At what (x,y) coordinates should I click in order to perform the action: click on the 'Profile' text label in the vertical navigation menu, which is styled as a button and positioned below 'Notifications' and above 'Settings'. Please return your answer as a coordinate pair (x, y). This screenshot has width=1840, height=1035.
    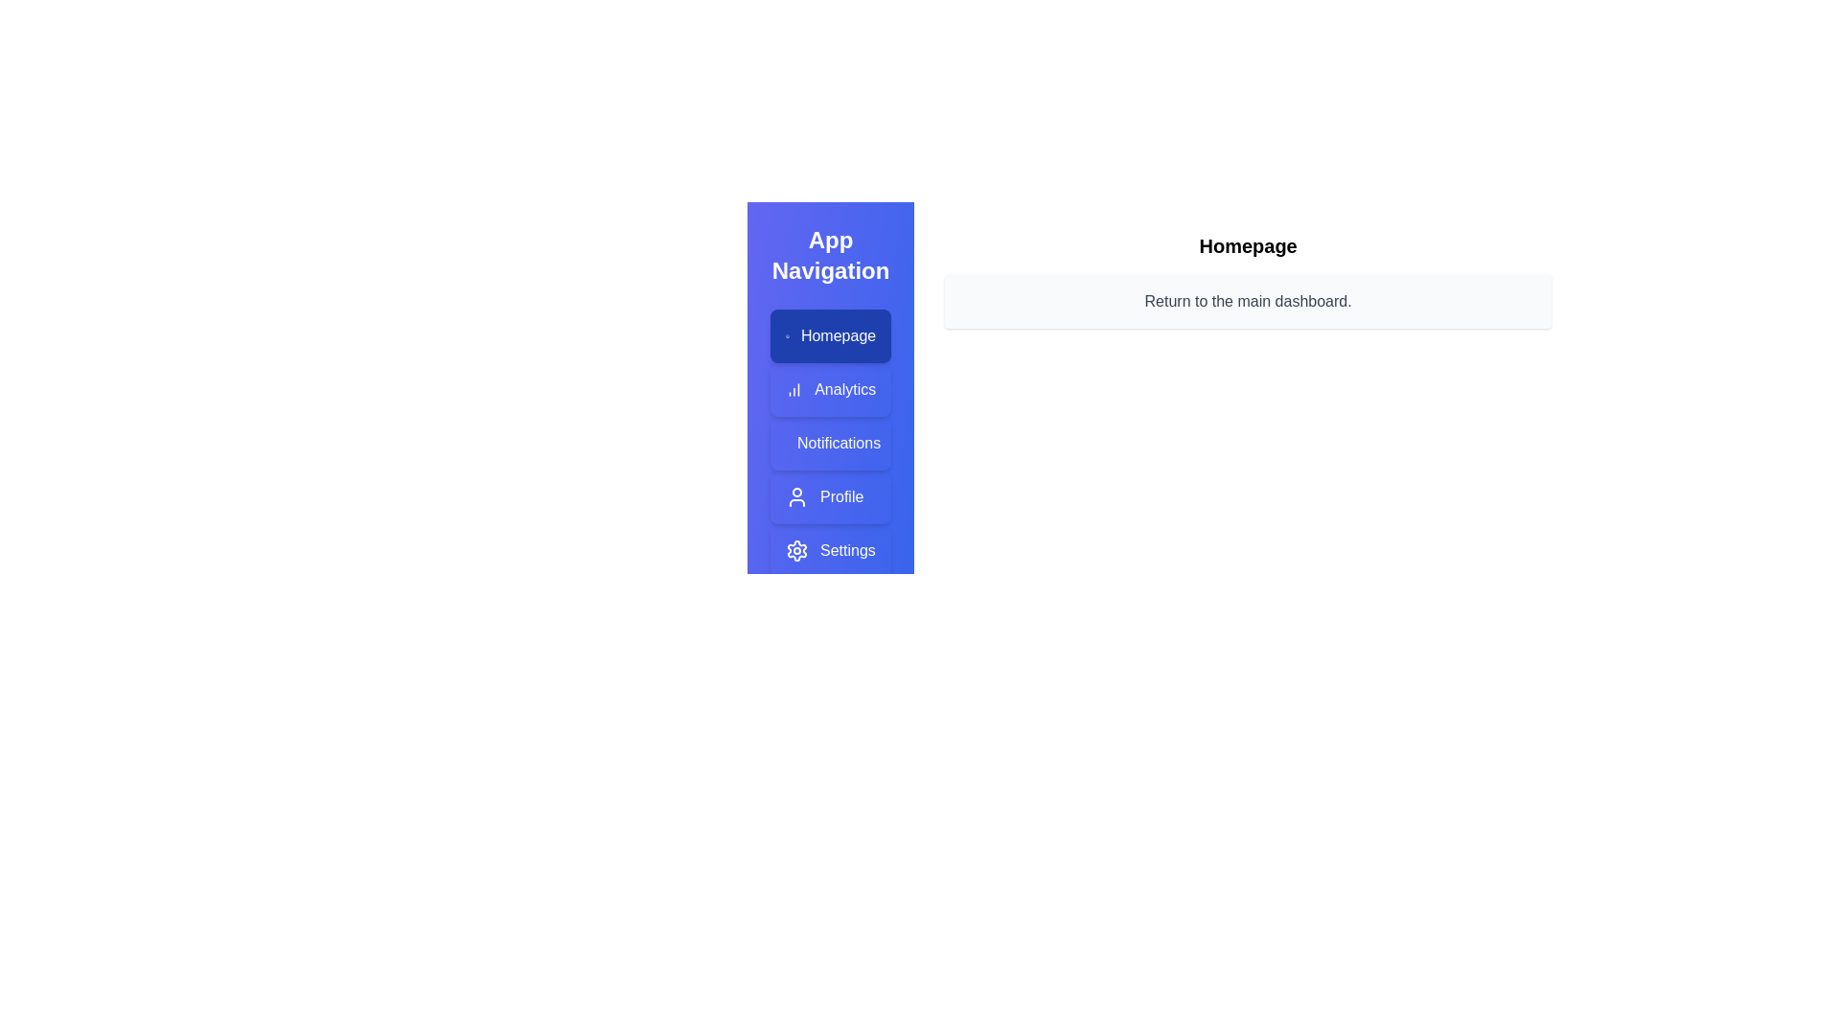
    Looking at the image, I should click on (841, 496).